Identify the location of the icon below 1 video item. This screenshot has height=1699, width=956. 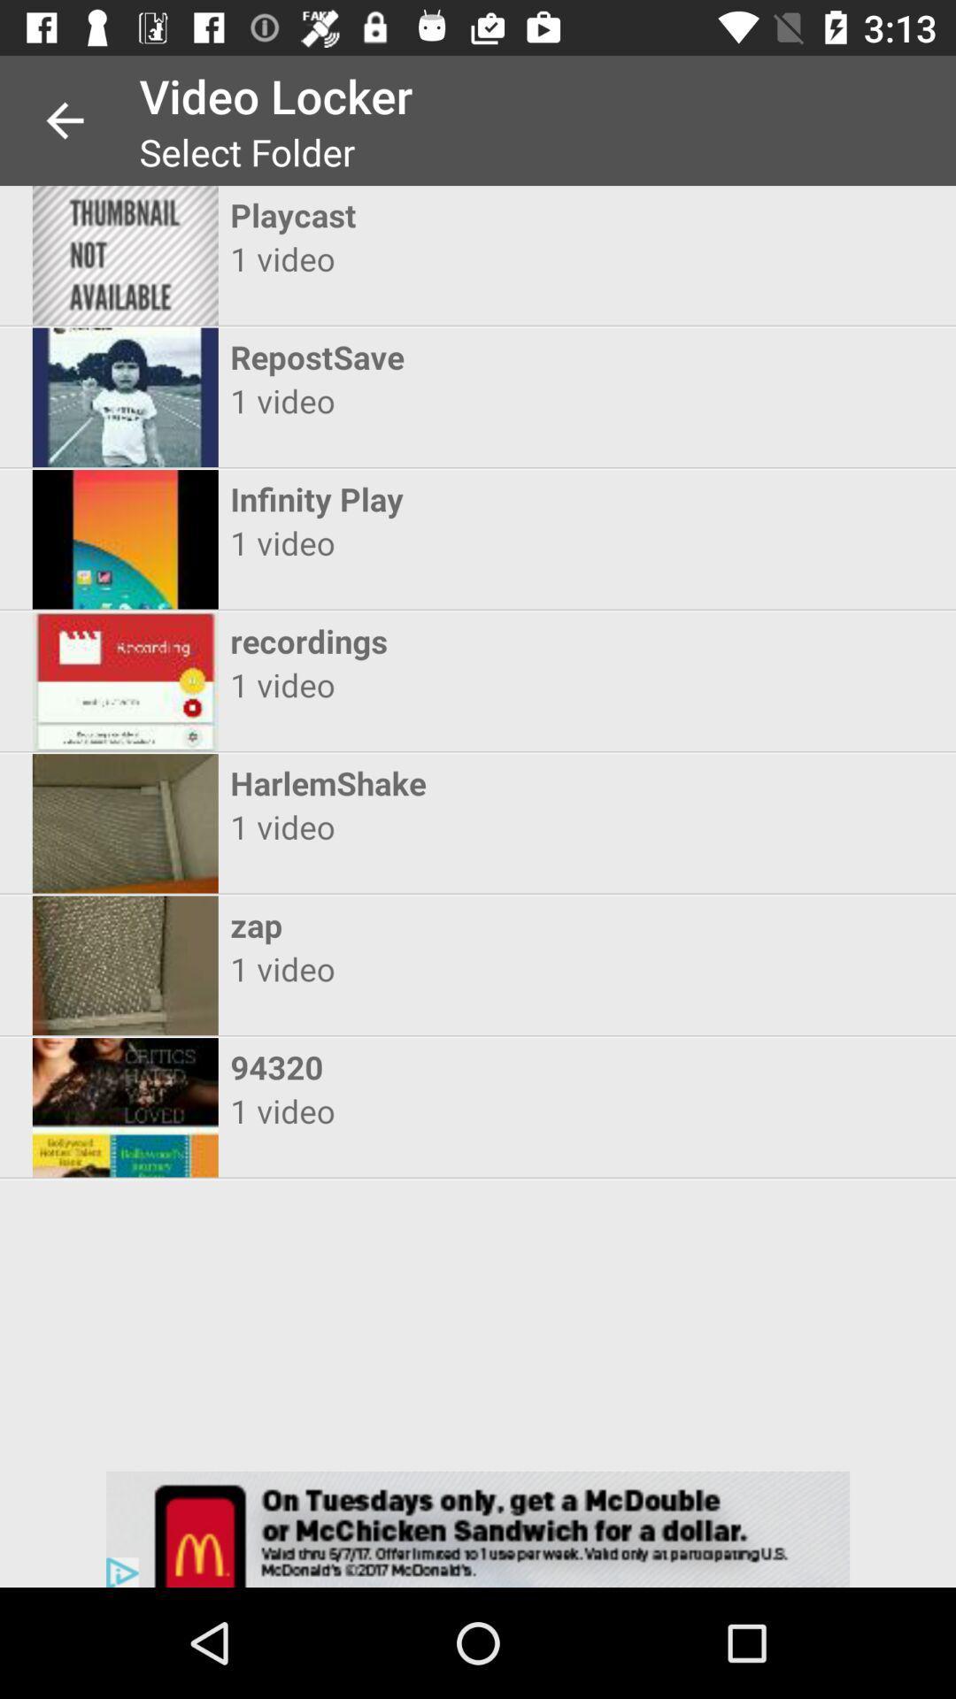
(461, 498).